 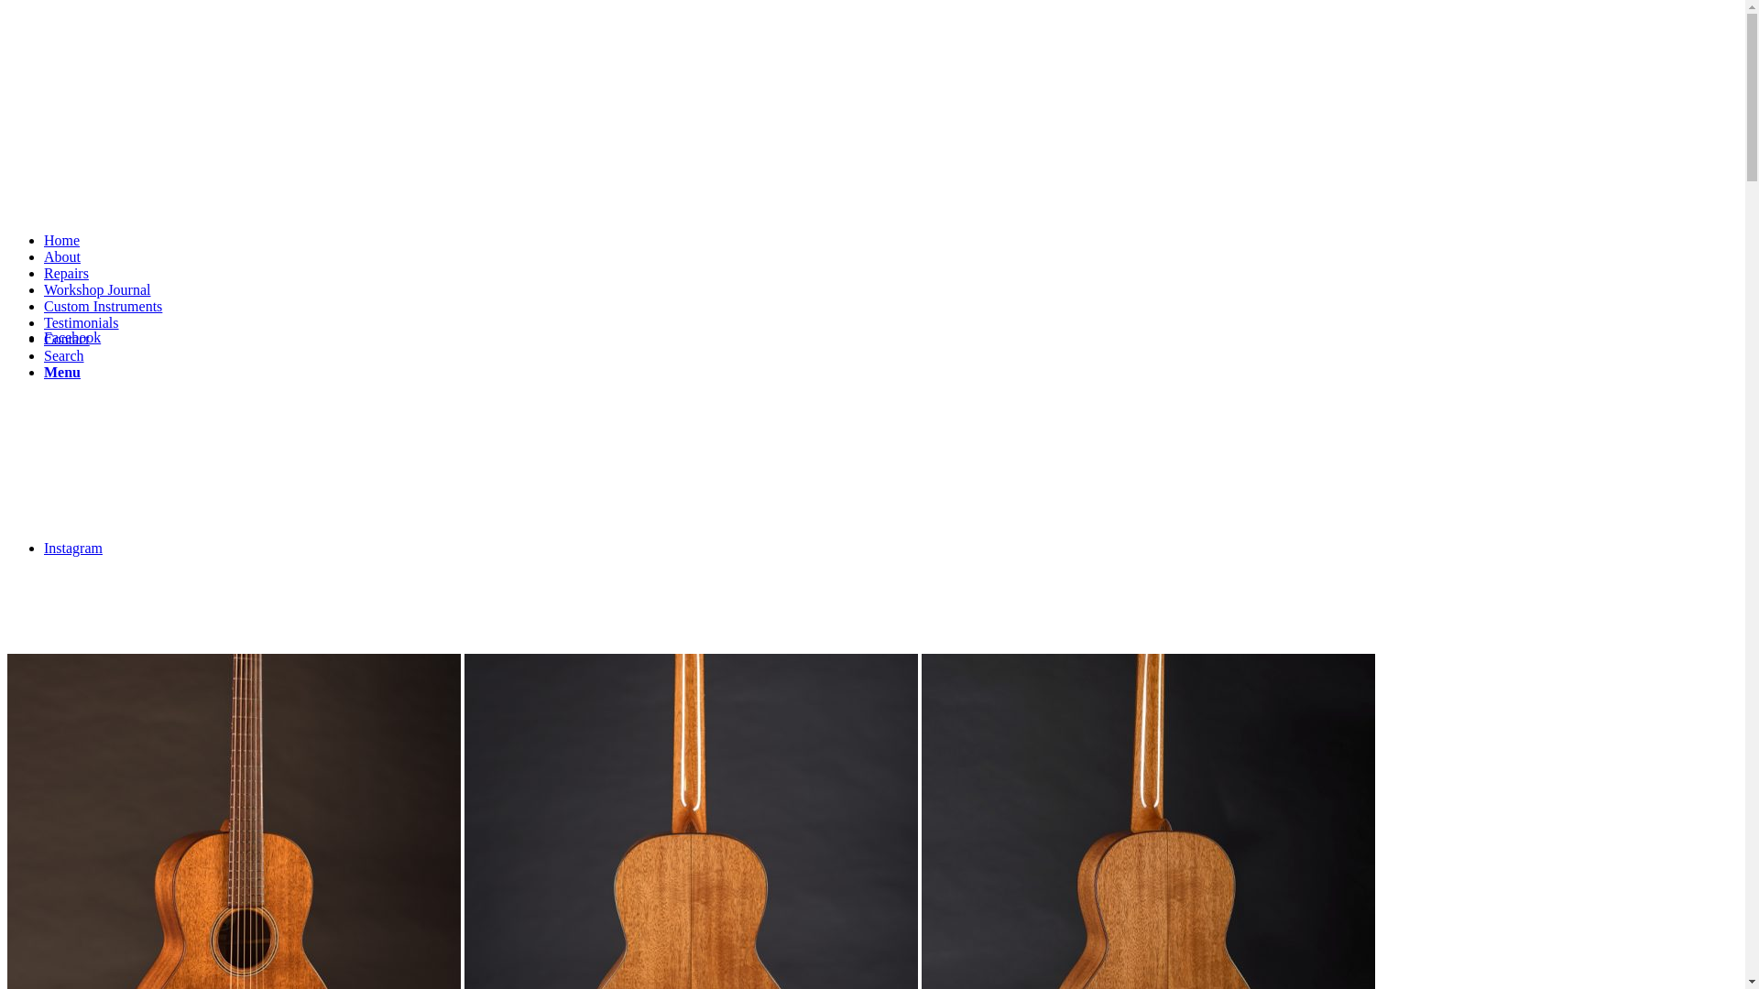 I want to click on 'About', so click(x=44, y=256).